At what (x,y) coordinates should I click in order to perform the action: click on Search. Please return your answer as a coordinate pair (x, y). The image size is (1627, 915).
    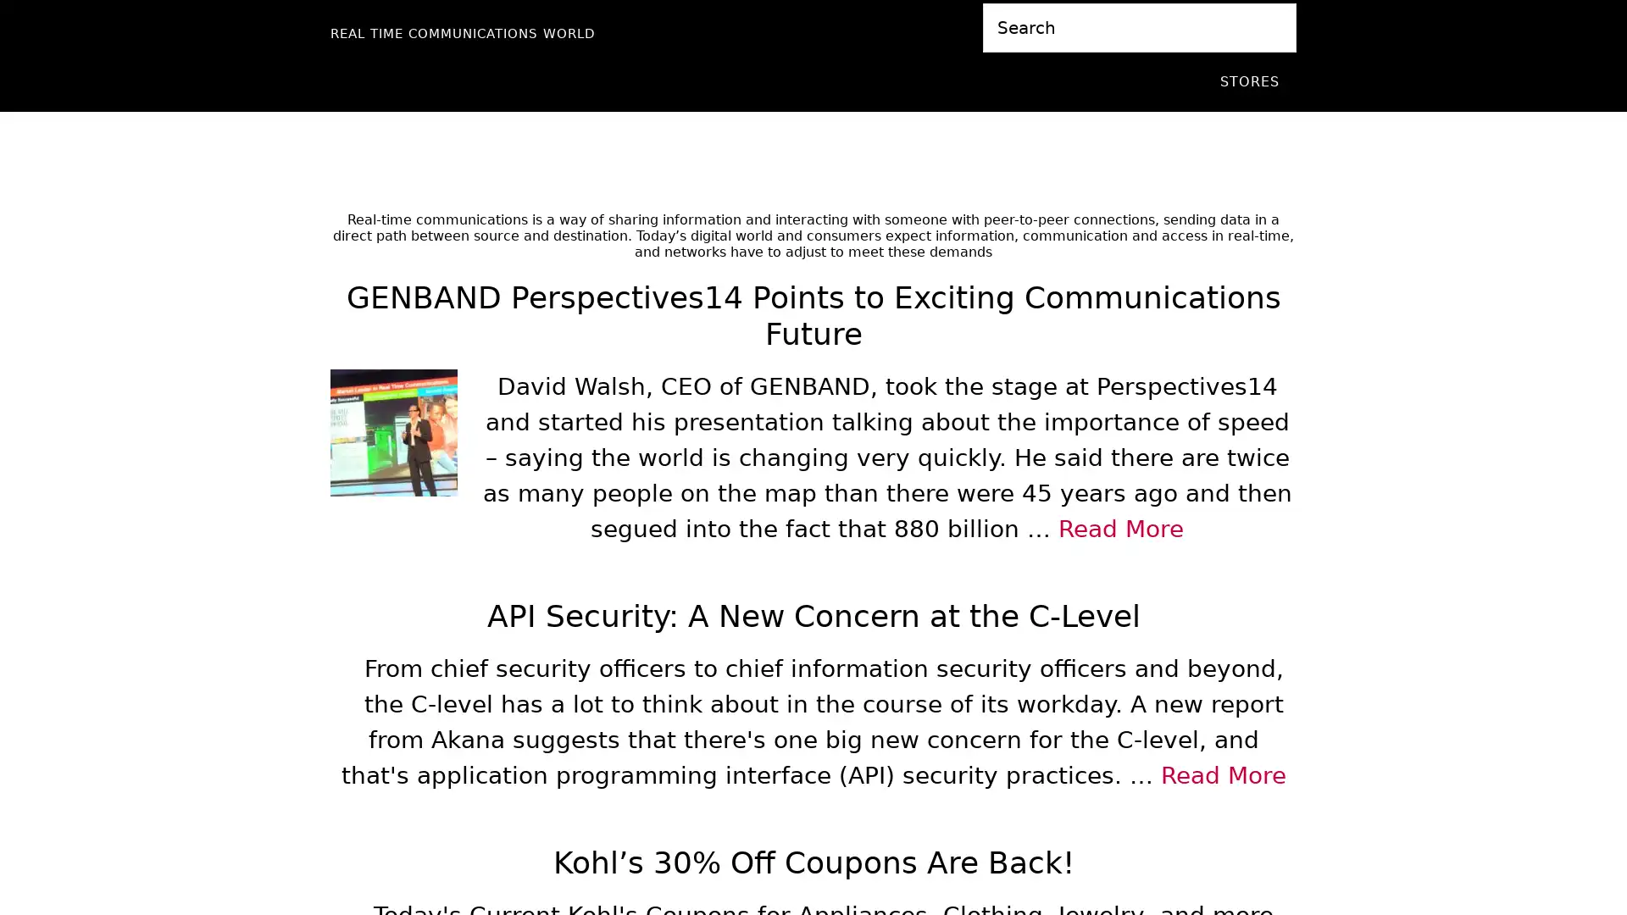
    Looking at the image, I should click on (1295, 3).